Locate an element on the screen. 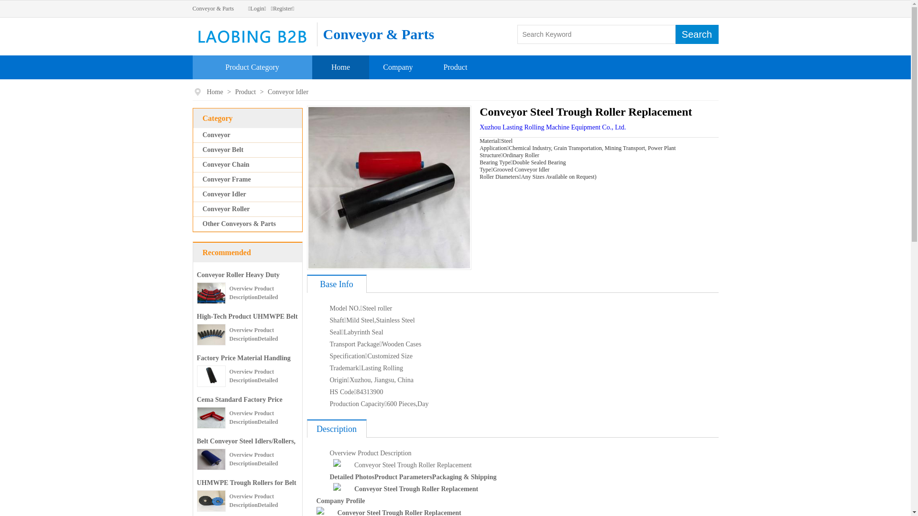  'Company' is located at coordinates (397, 66).